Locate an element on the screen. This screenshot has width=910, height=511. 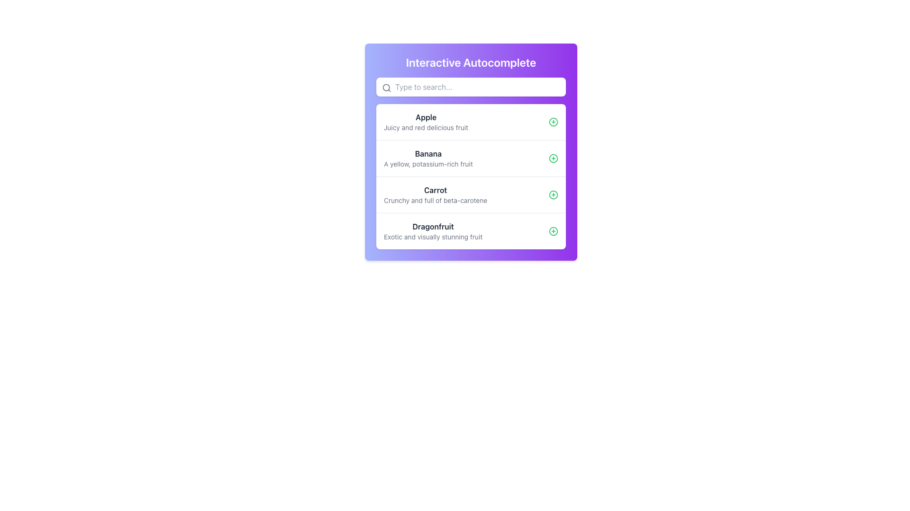
the button located at the far right of the 'Dragonfruit' entry in the interactive autocomplete list is located at coordinates (553, 231).